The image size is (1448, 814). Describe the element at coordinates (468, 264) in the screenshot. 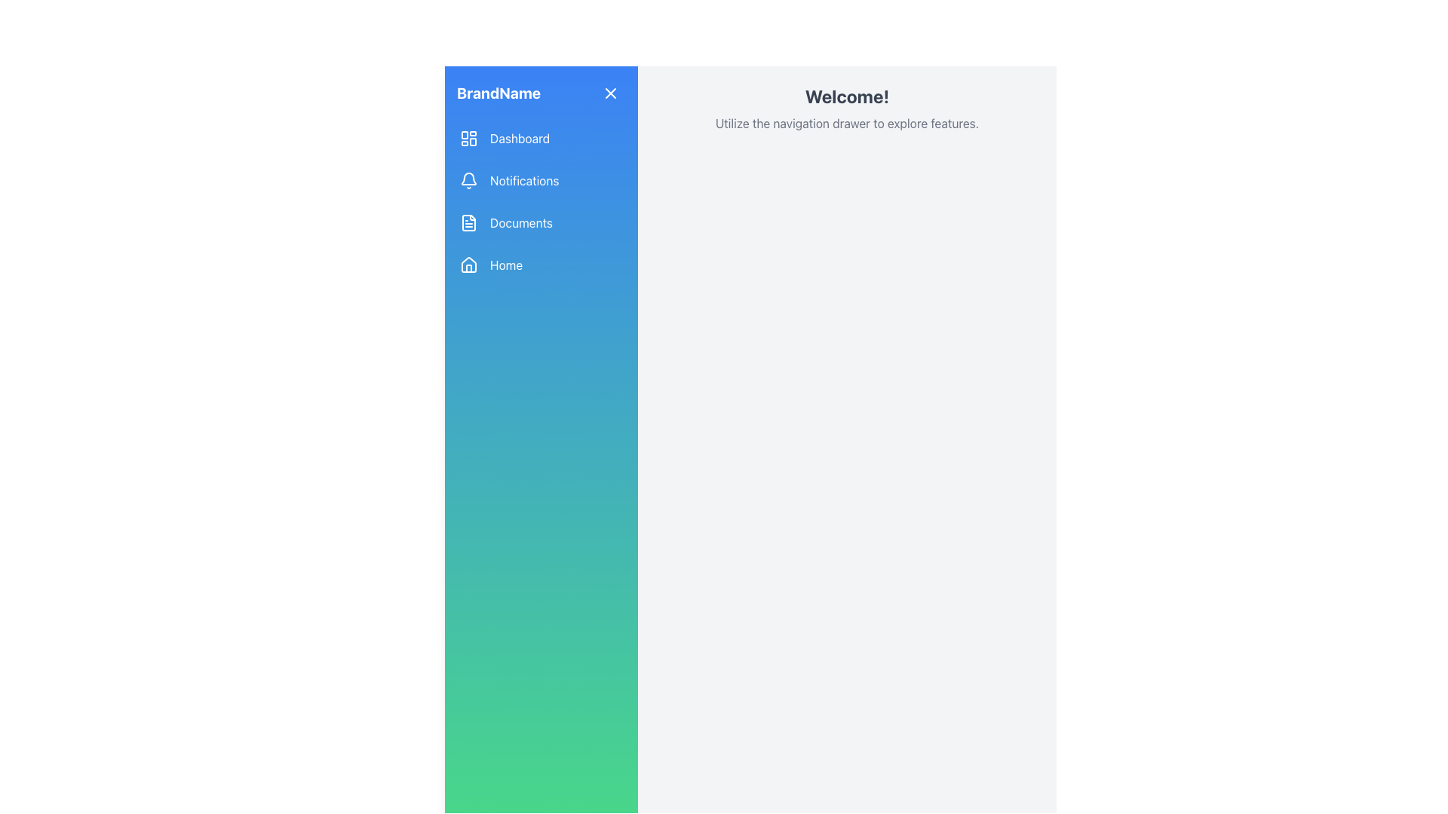

I see `the 'Home' SVG icon located at the bottom of the left sidebar` at that location.